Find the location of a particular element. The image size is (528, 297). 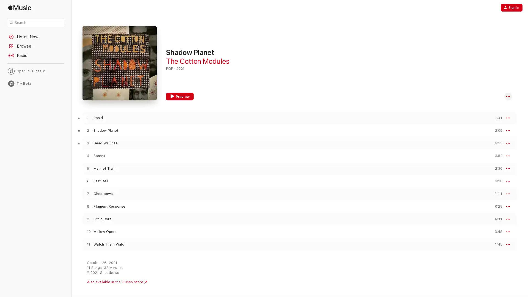

Also available in the iTunes Store is located at coordinates (117, 282).